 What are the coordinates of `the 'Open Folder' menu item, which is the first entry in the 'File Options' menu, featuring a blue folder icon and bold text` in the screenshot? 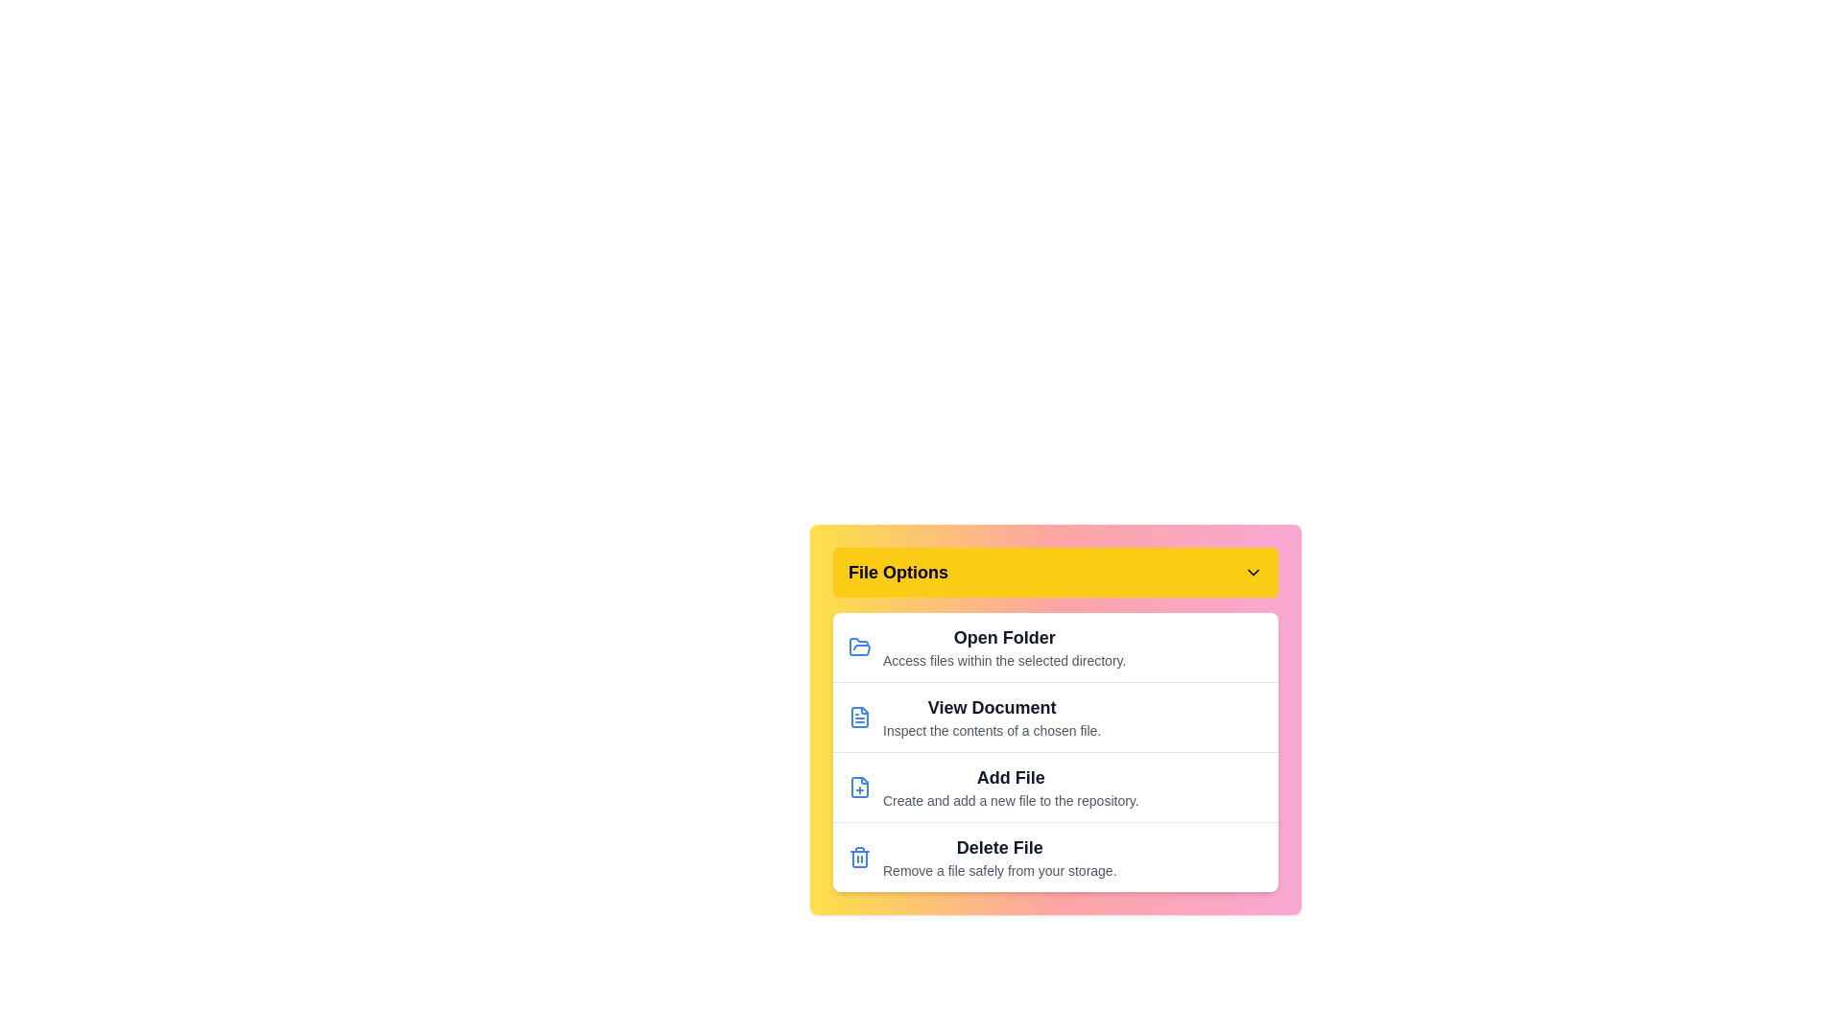 It's located at (1054, 647).